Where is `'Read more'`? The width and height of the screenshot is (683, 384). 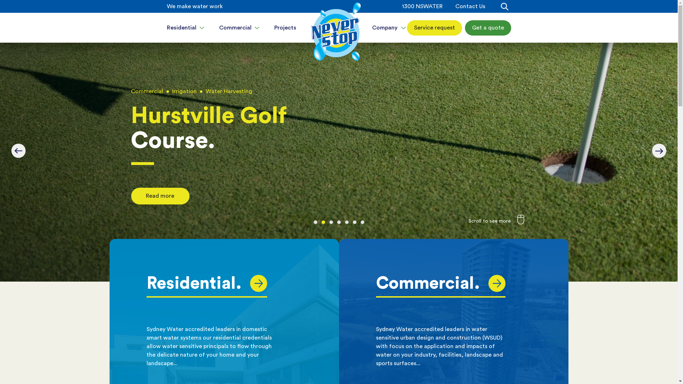 'Read more' is located at coordinates (131, 197).